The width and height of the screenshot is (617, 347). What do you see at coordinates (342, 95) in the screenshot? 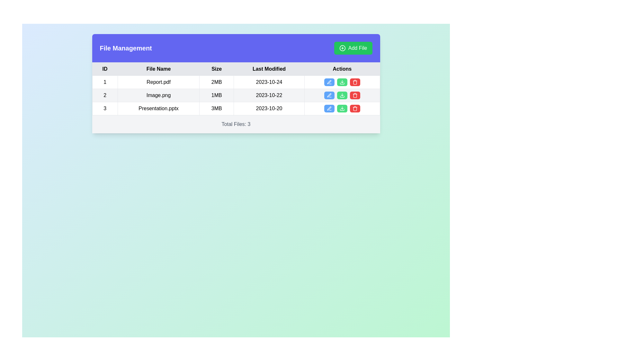
I see `the download button in the 'Actions' column of the second row to observe the hover effect on its background, which is positioned between the blue edit button and the red delete button` at bounding box center [342, 95].